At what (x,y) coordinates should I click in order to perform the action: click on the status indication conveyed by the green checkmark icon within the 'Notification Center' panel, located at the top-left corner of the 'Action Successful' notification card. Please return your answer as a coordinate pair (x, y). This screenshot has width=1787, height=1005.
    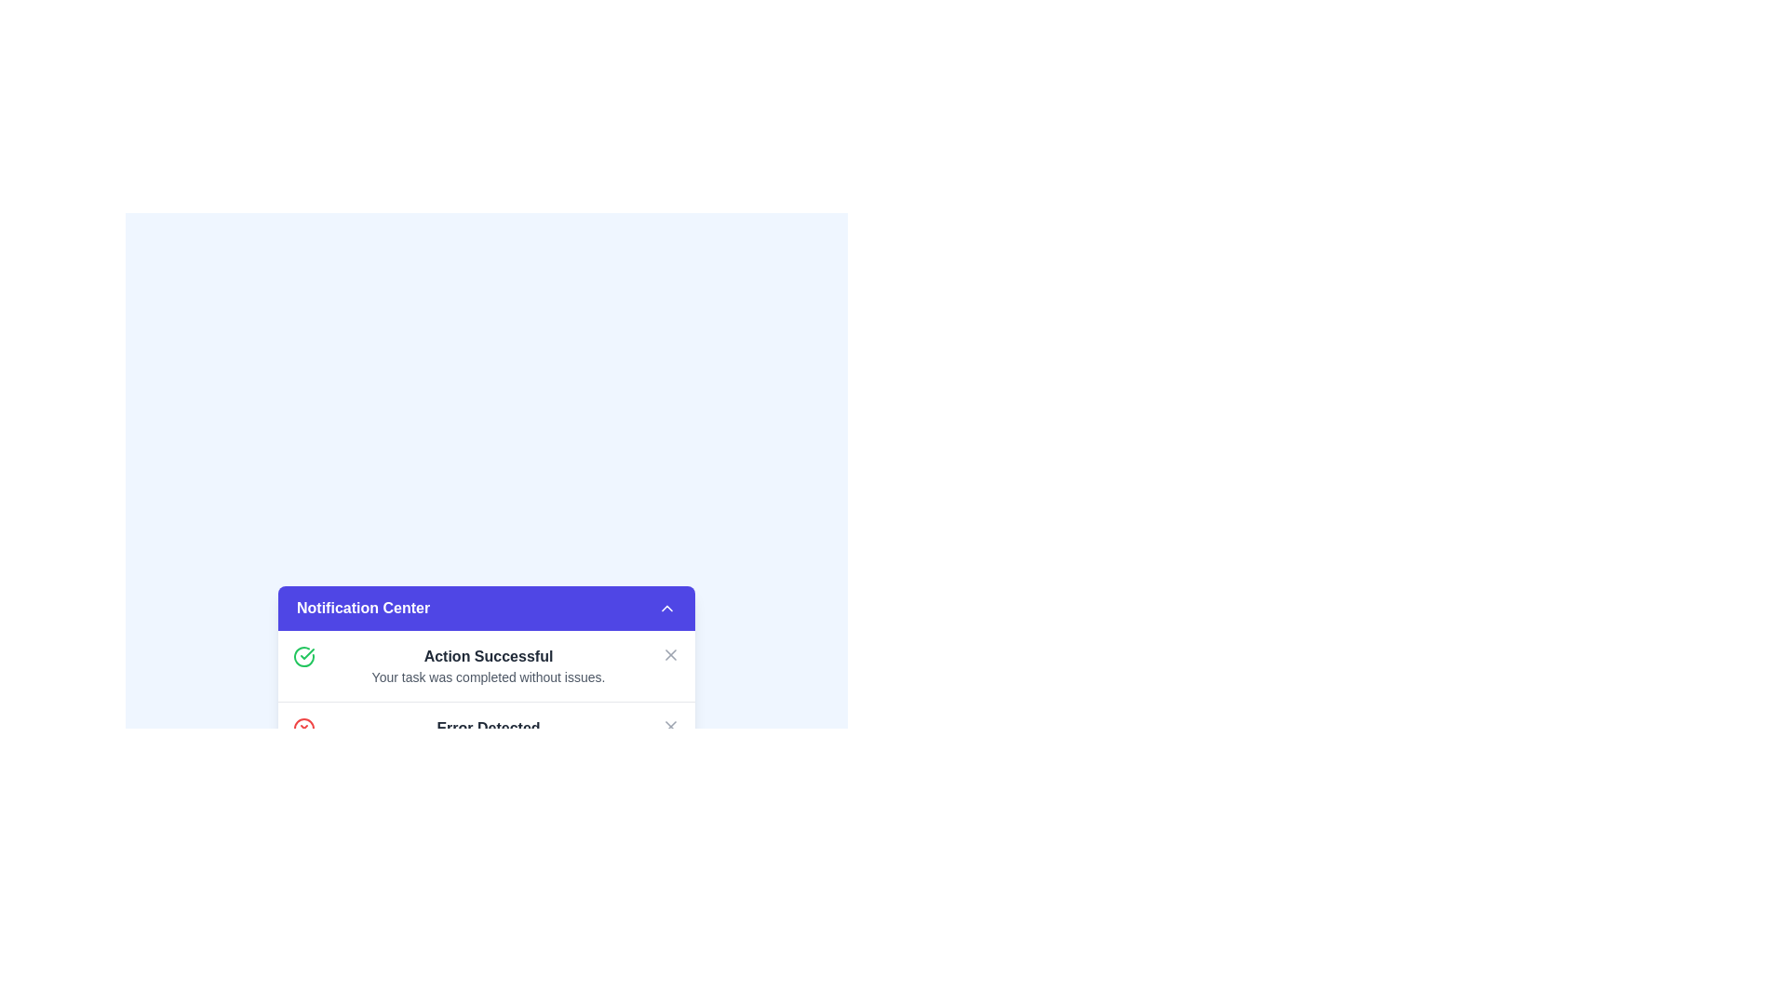
    Looking at the image, I should click on (303, 655).